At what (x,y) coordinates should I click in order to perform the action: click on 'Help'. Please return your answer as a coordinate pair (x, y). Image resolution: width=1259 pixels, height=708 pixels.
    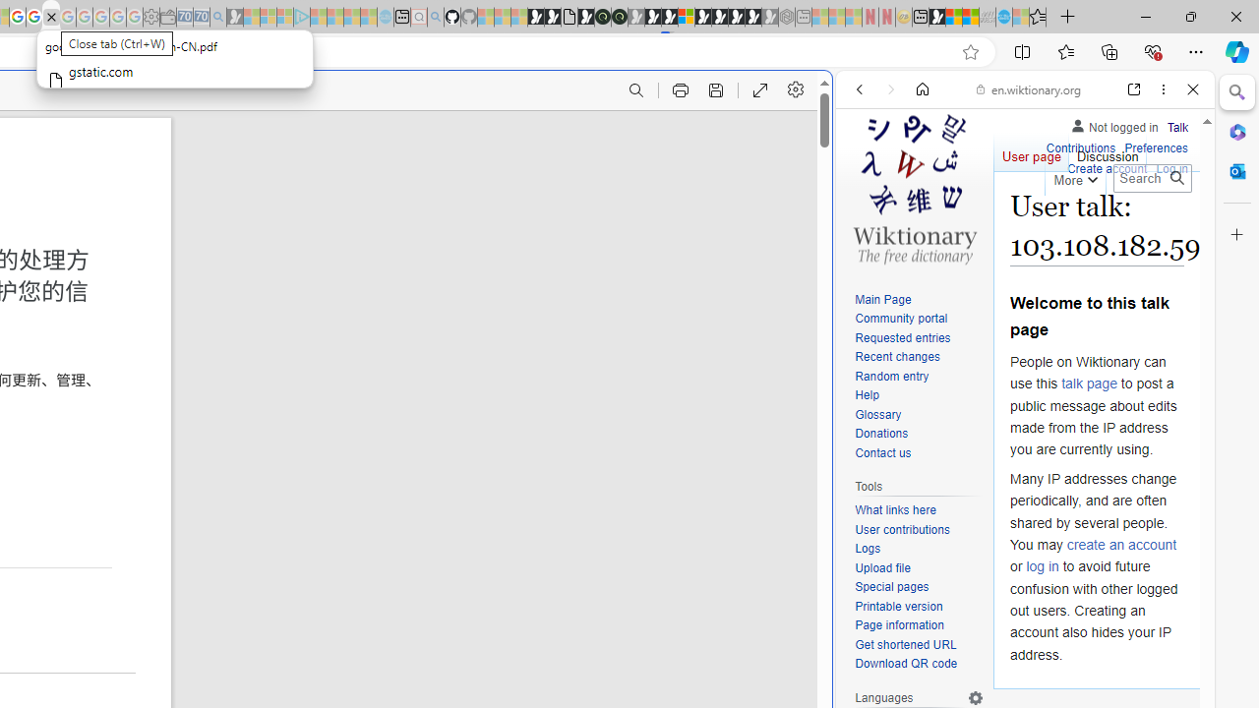
    Looking at the image, I should click on (866, 395).